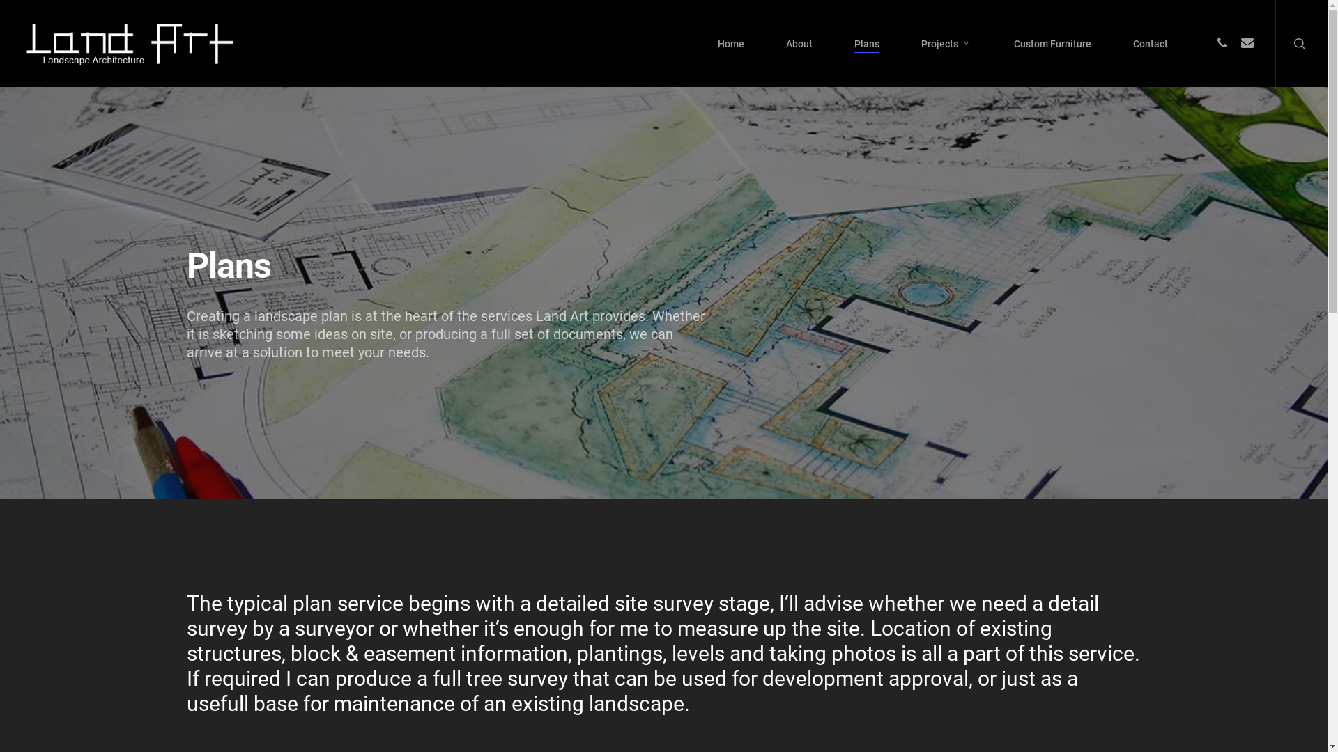  I want to click on 'About', so click(799, 42).